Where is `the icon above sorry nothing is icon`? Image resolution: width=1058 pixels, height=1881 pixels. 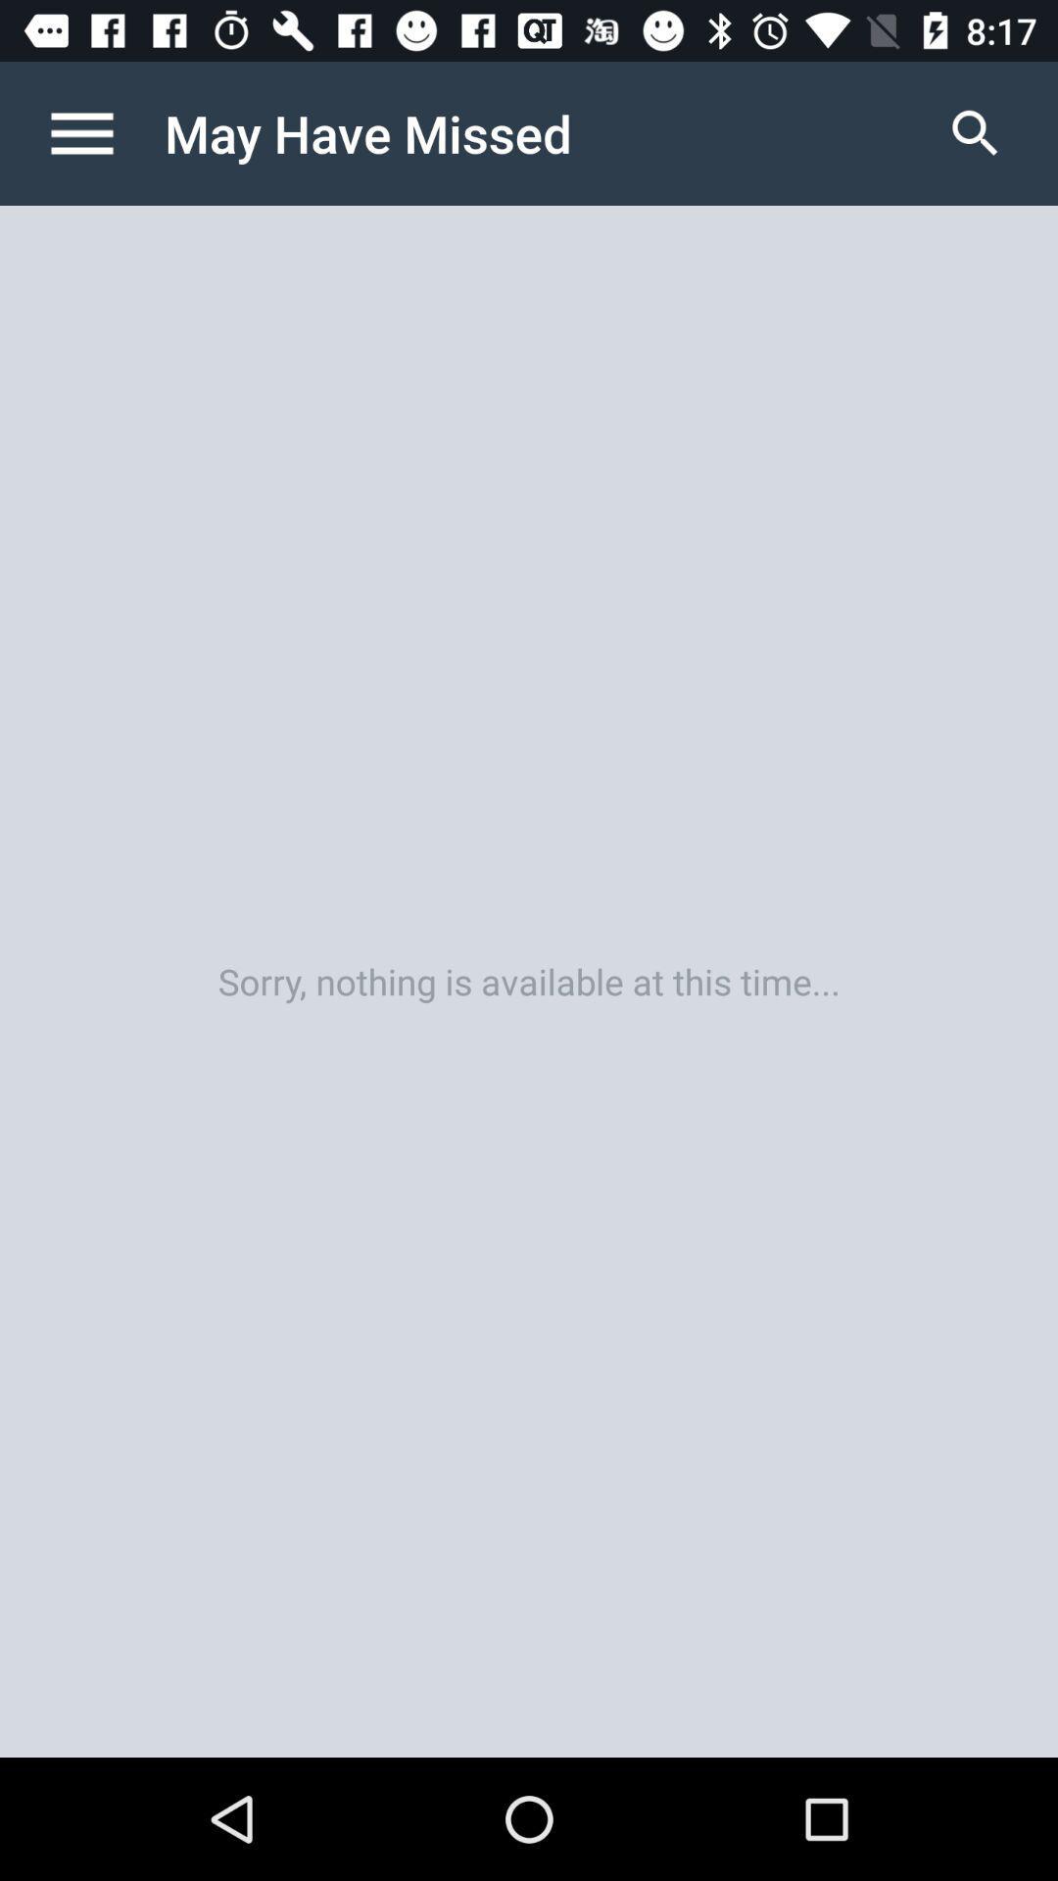 the icon above sorry nothing is icon is located at coordinates (975, 132).